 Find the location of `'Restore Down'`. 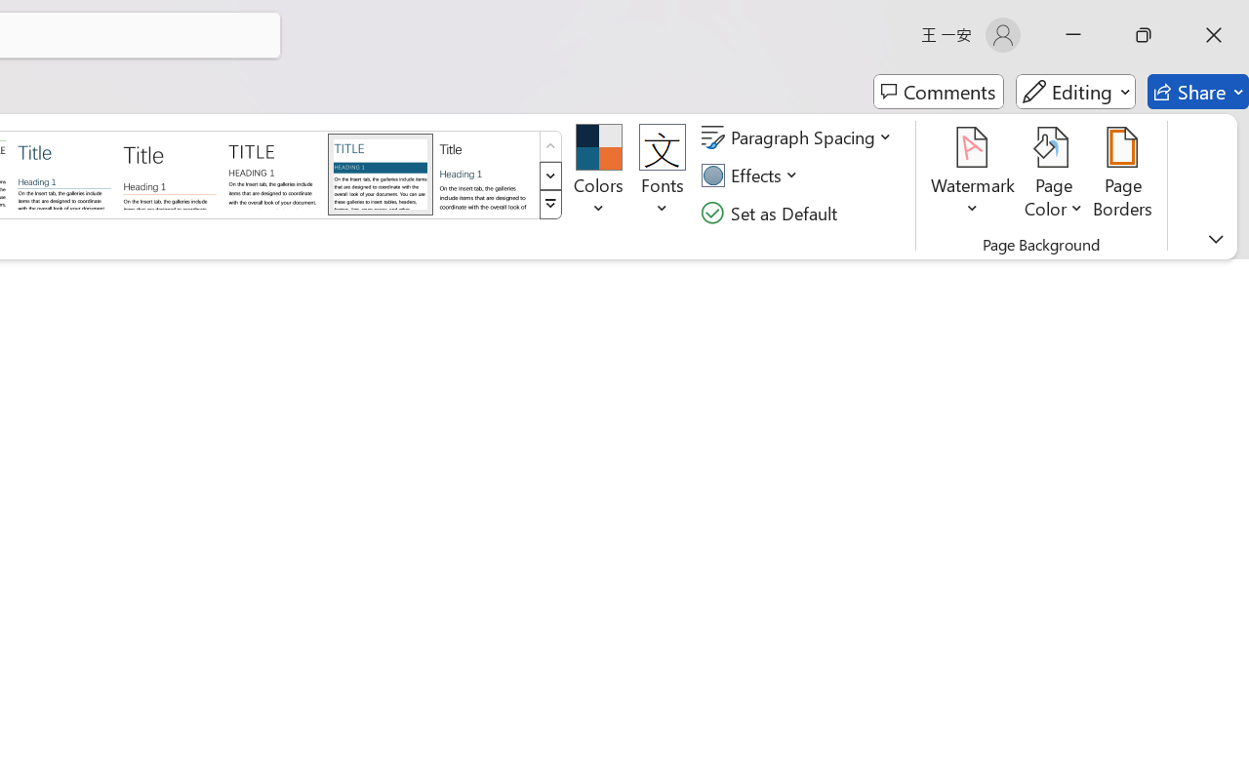

'Restore Down' is located at coordinates (1144, 34).